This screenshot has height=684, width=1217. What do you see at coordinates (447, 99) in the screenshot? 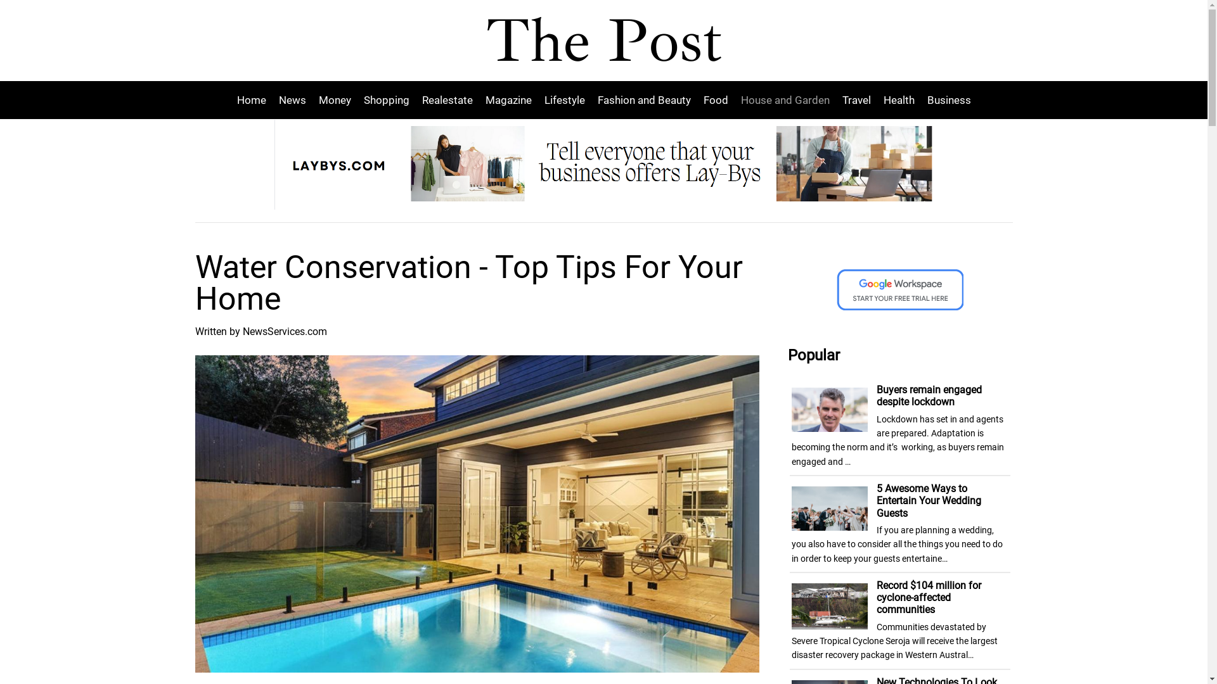
I see `'Realestate'` at bounding box center [447, 99].